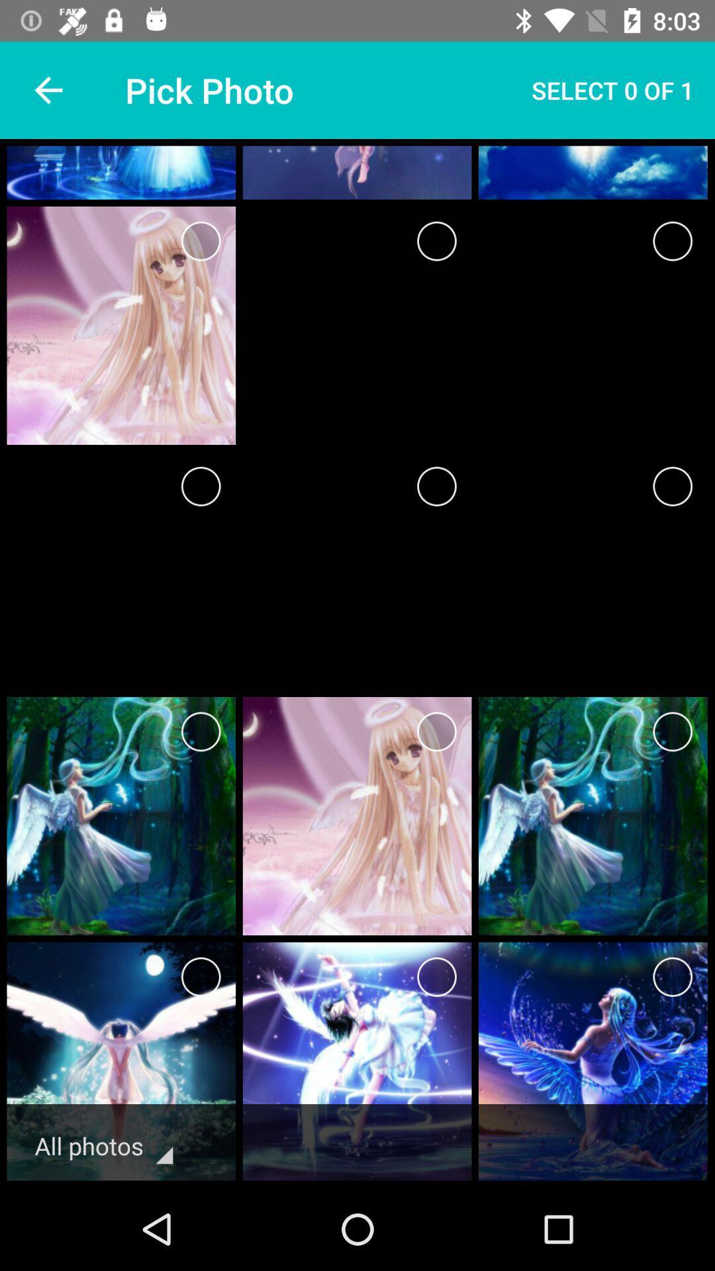 The image size is (715, 1271). Describe the element at coordinates (436, 485) in the screenshot. I see `radio button` at that location.